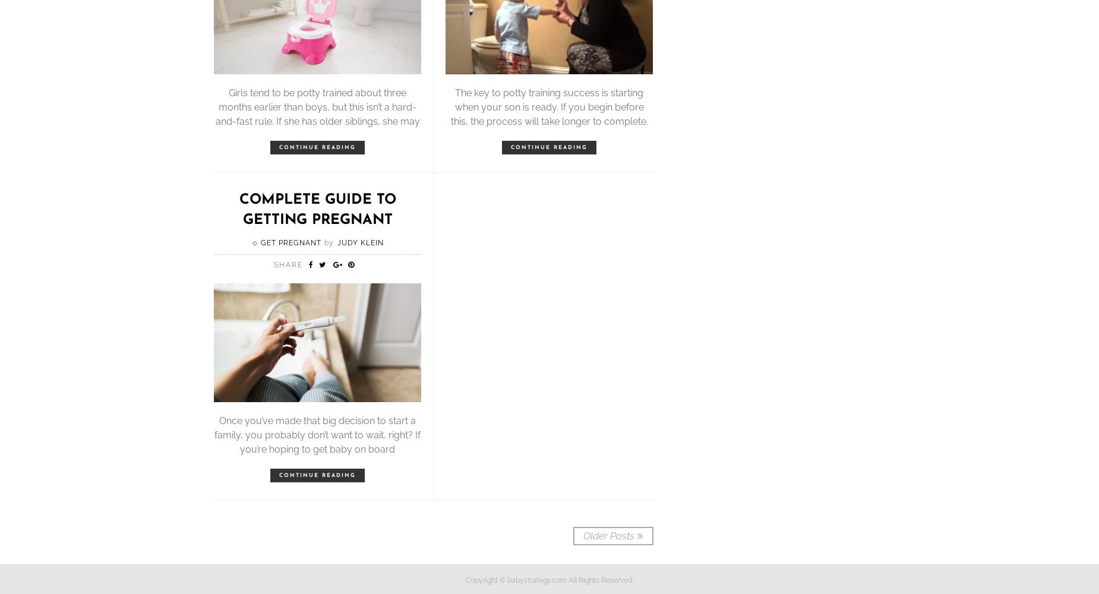 The image size is (1099, 594). Describe the element at coordinates (214, 106) in the screenshot. I see `'Girls tend to be potty trained about three months earlier than boys, but this isn’t a hard-and-fast rule. If she has older siblings, she may'` at that location.